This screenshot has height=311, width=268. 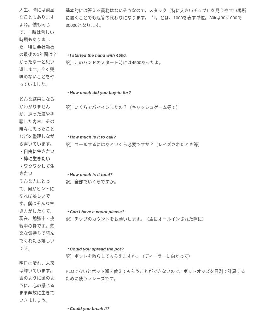 What do you see at coordinates (65, 92) in the screenshot?
I see `'・How much did you buy-in for?'` at bounding box center [65, 92].